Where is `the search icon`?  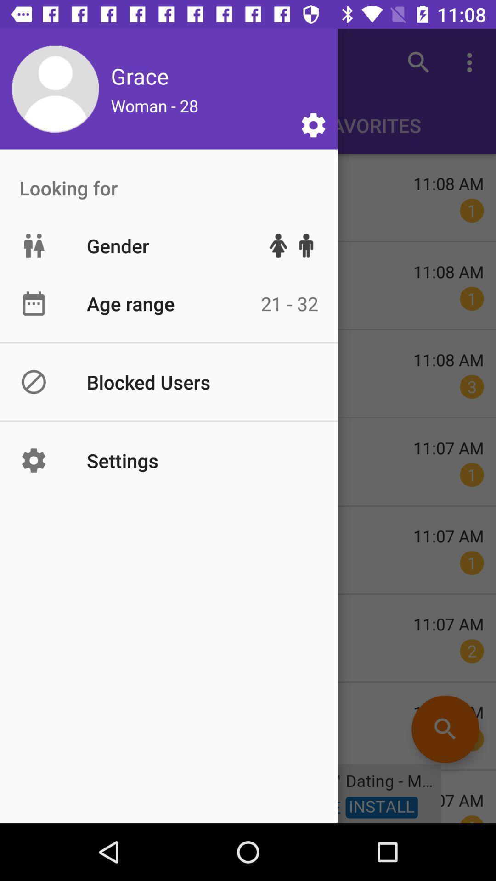 the search icon is located at coordinates (445, 729).